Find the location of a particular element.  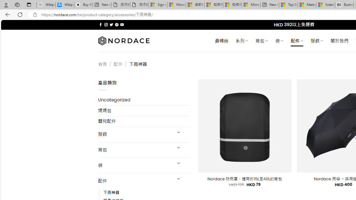

'Marine life - MSN' is located at coordinates (307, 5).